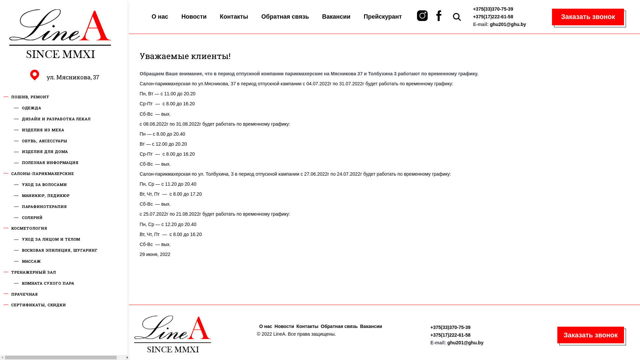 Image resolution: width=640 pixels, height=360 pixels. Describe the element at coordinates (493, 16) in the screenshot. I see `'+375(17)222-61-58'` at that location.